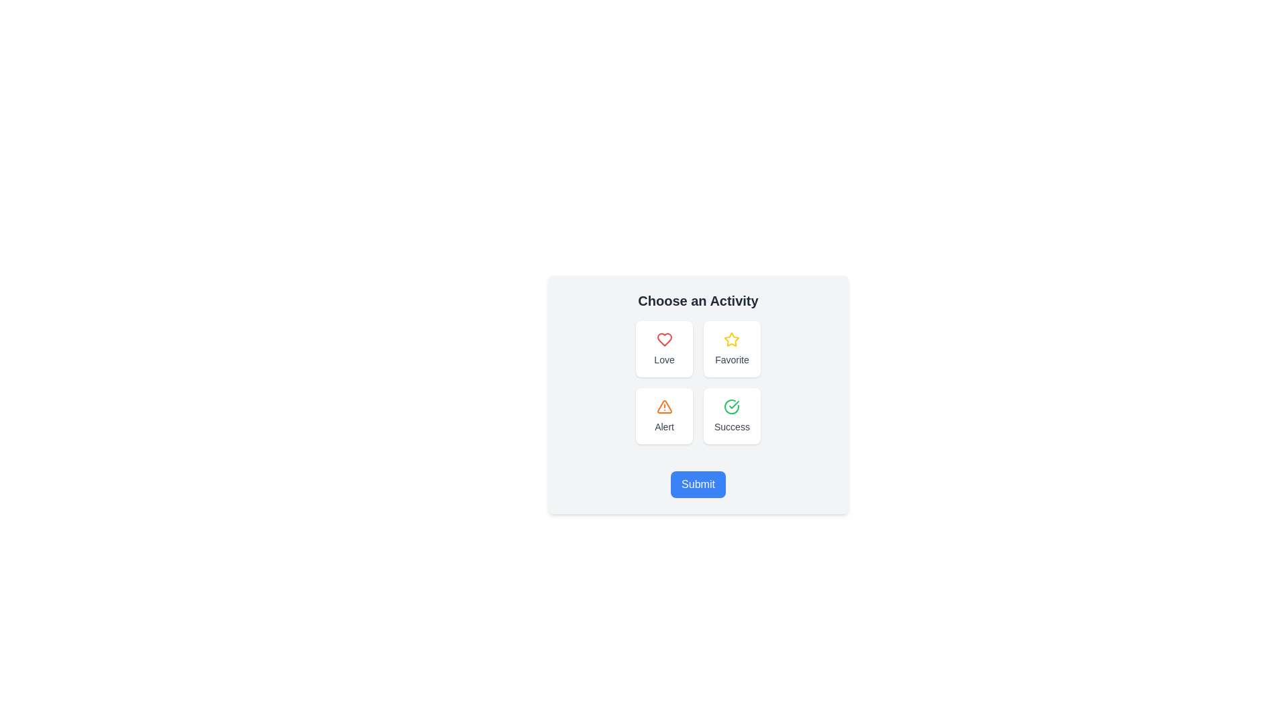  What do you see at coordinates (664, 339) in the screenshot?
I see `the heart-shaped icon styled in red, located in the top-left corner of the 'Choose an Activity' grid, above the 'Love' label` at bounding box center [664, 339].